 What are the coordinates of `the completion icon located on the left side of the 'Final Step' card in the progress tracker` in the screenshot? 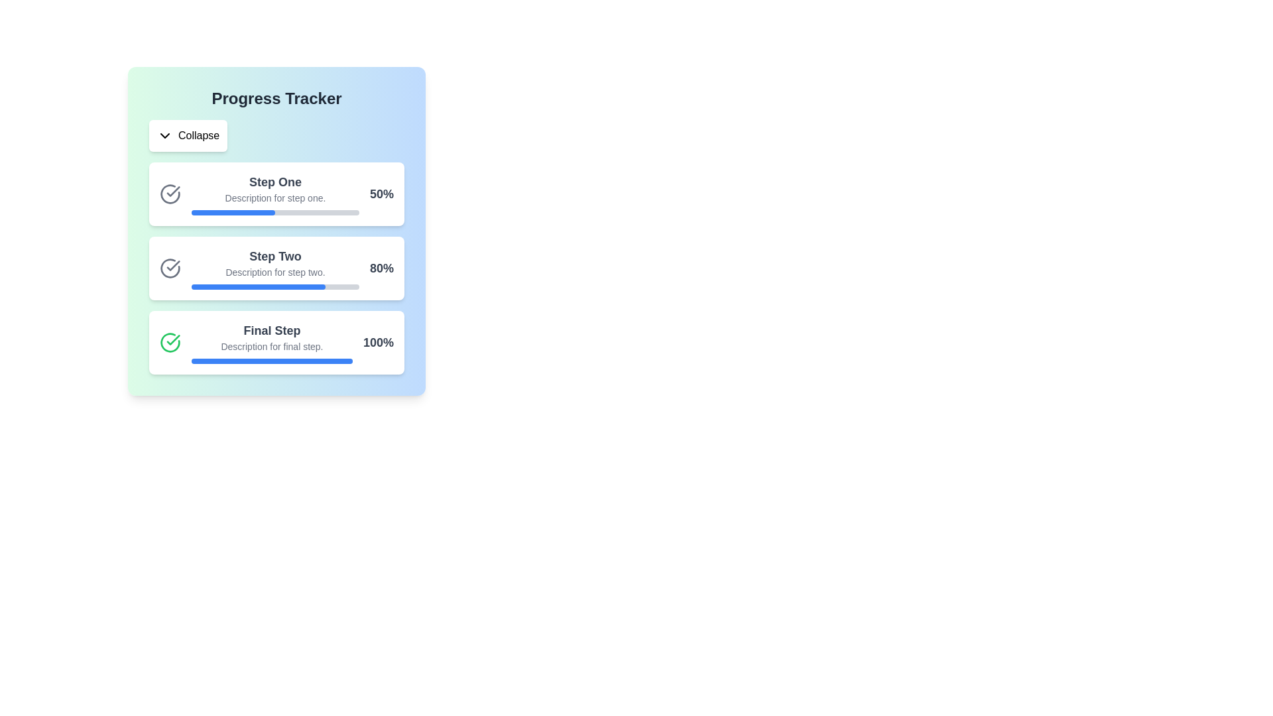 It's located at (172, 339).